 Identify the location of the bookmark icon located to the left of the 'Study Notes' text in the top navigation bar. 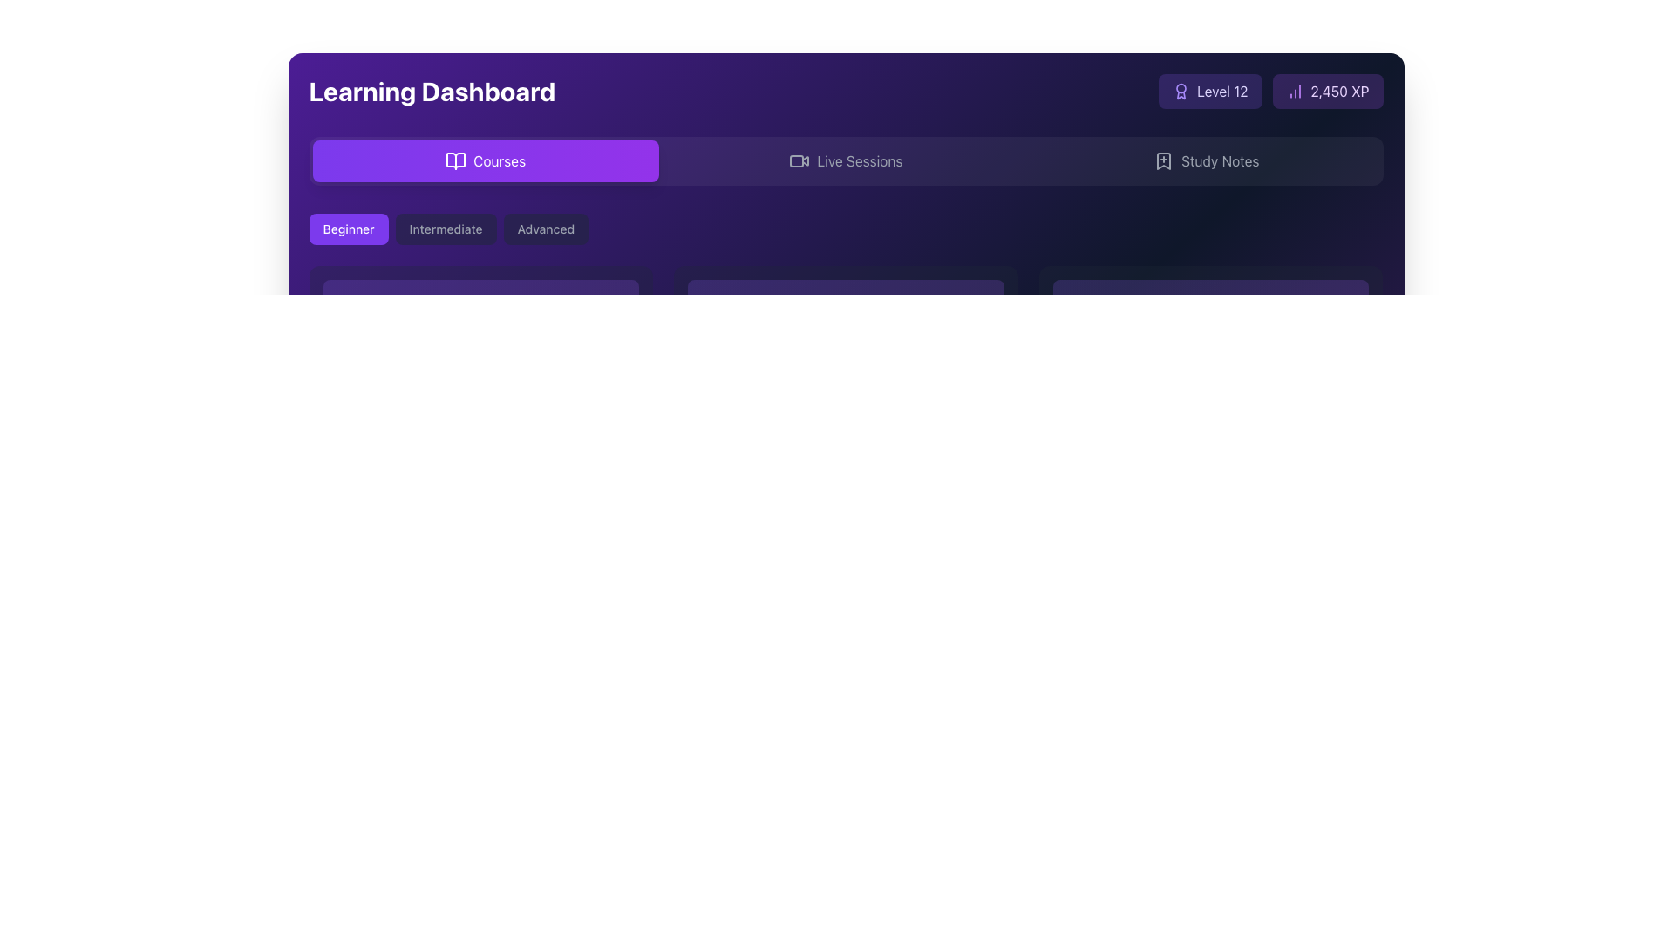
(1164, 161).